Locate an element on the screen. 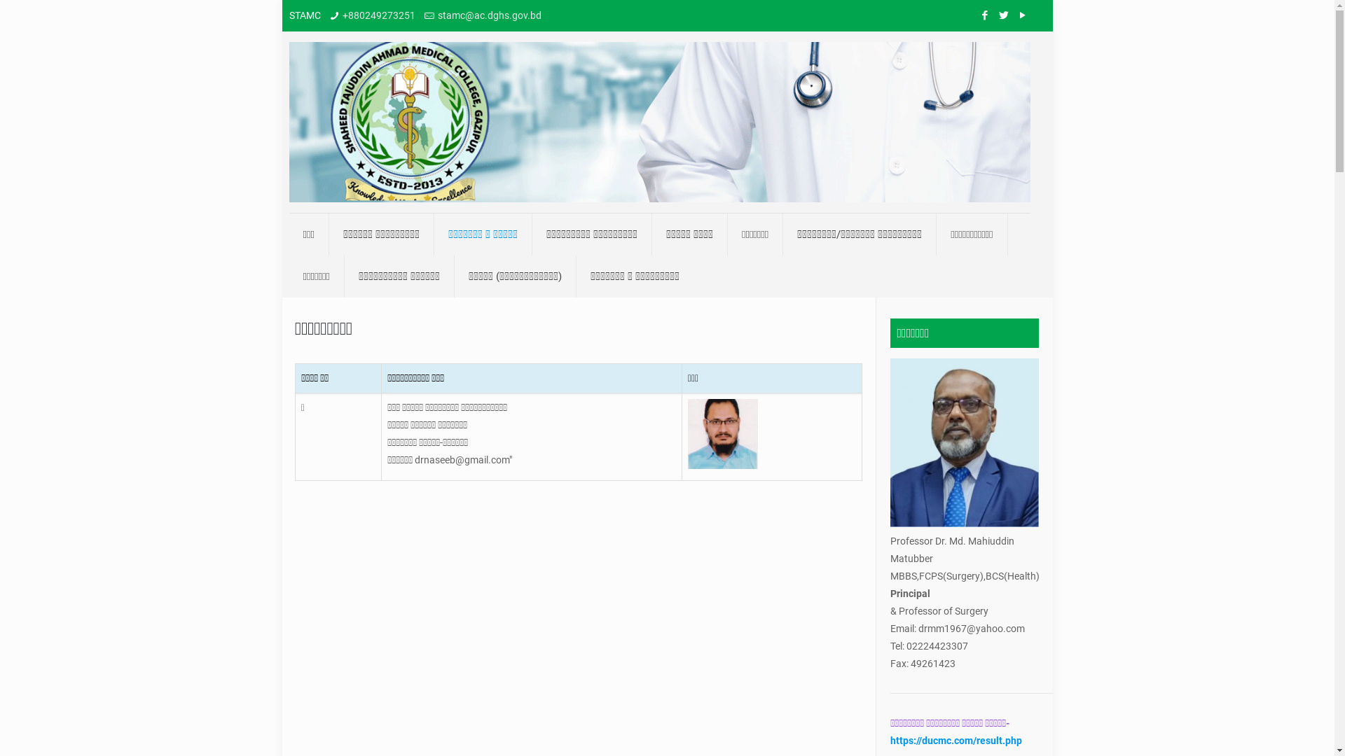  'STAMC' is located at coordinates (658, 121).